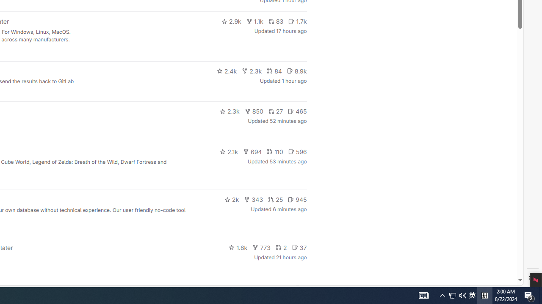 Image resolution: width=542 pixels, height=304 pixels. Describe the element at coordinates (274, 71) in the screenshot. I see `'84'` at that location.